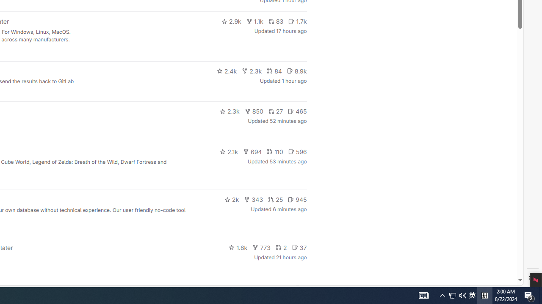 Image resolution: width=542 pixels, height=304 pixels. Describe the element at coordinates (274, 71) in the screenshot. I see `'84'` at that location.